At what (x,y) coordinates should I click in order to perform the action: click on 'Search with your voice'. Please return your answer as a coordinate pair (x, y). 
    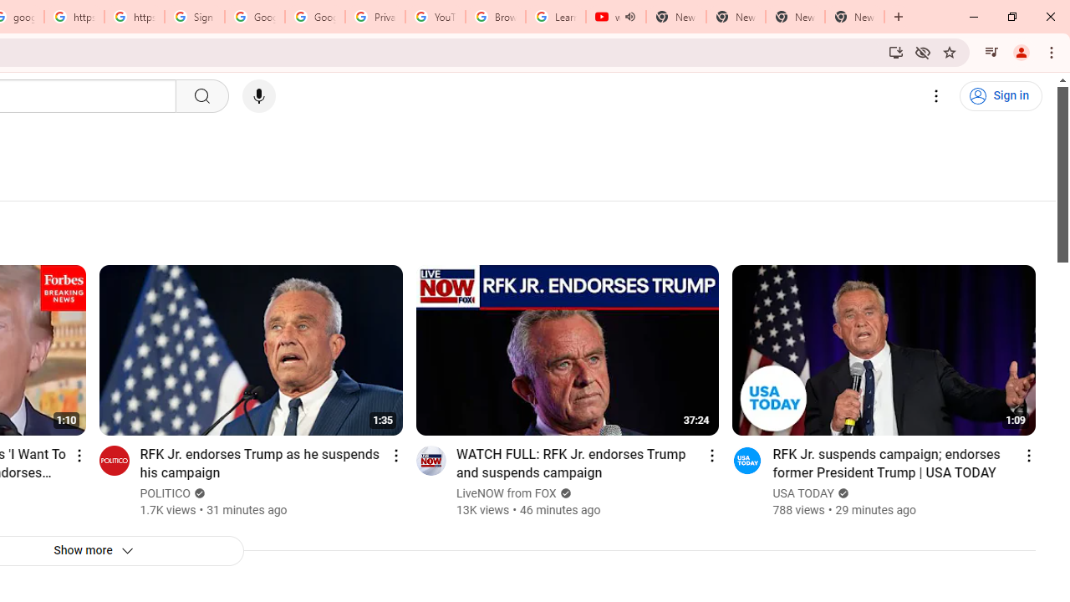
    Looking at the image, I should click on (257, 96).